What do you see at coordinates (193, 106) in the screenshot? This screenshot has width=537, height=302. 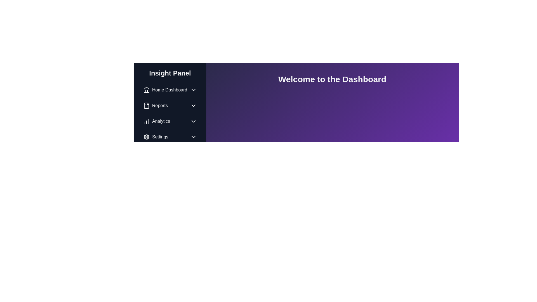 I see `the downward-pointing chevron icon located to the right of the 'Reports' text in the vertical navigation menu` at bounding box center [193, 106].